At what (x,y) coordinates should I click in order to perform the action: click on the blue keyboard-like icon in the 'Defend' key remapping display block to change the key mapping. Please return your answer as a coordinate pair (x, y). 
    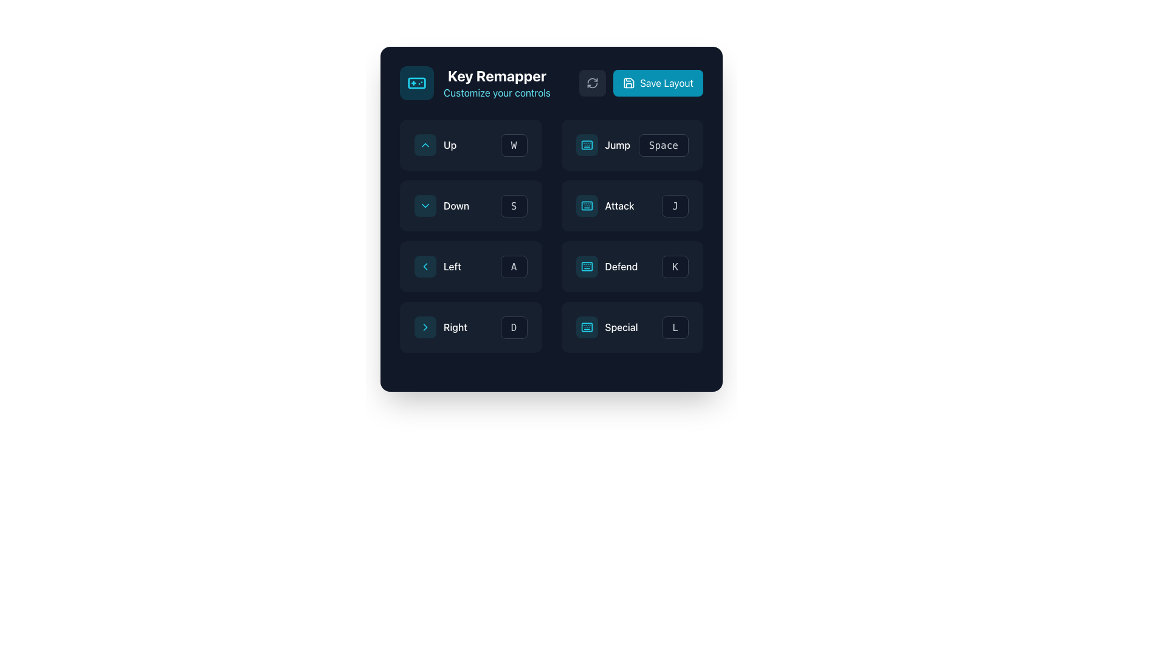
    Looking at the image, I should click on (632, 266).